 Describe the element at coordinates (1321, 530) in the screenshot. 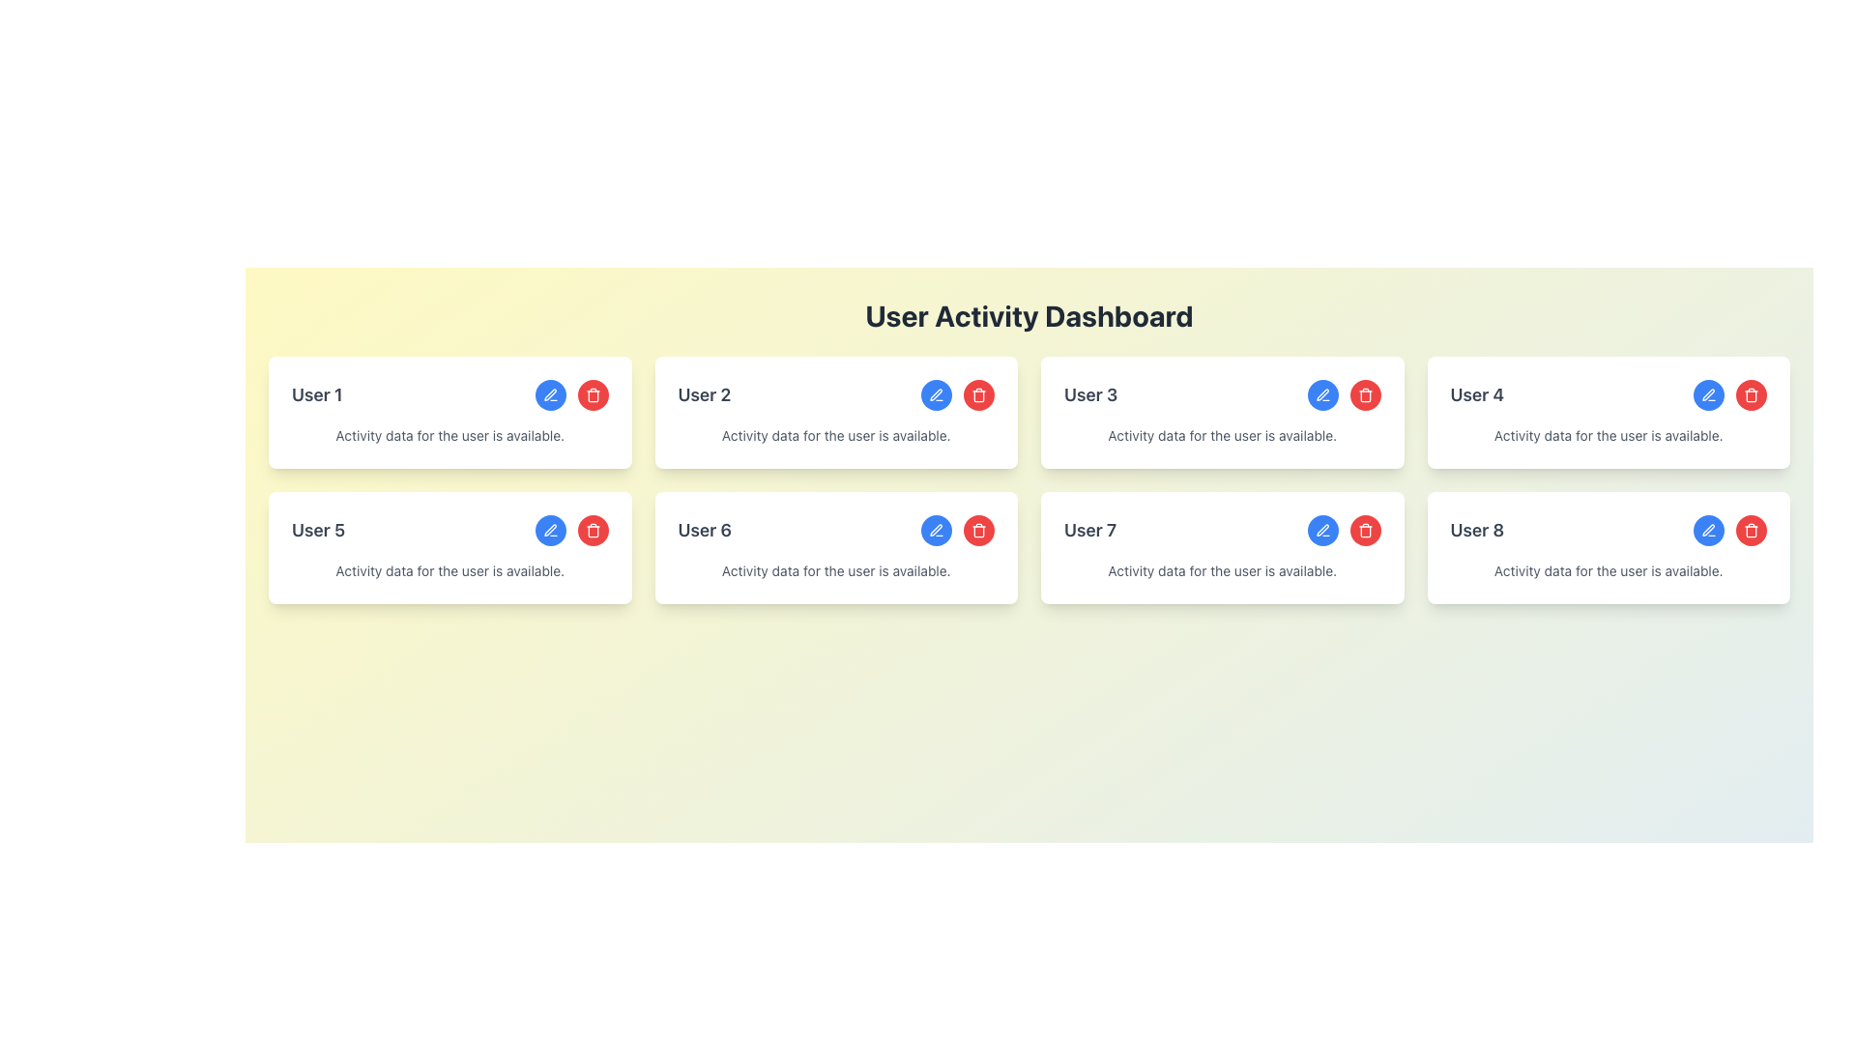

I see `the Interactive Icon Button in the bottom-right corner of User 7's card to initiate the edit action` at that location.